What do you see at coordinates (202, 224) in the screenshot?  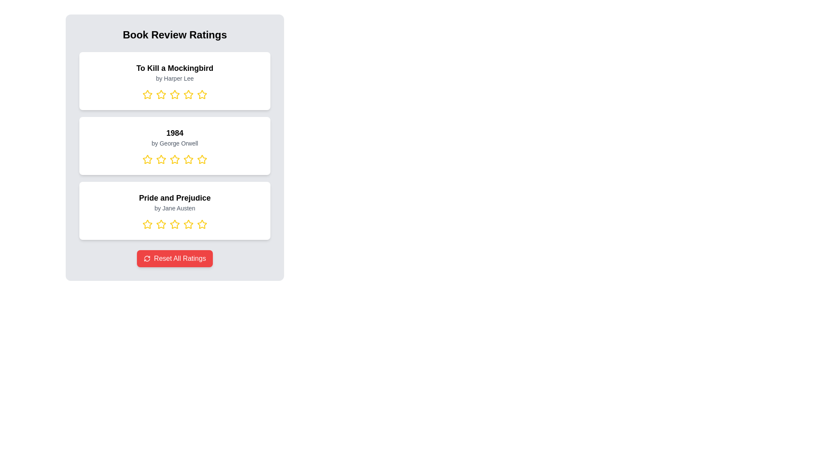 I see `the rating for a book by selecting 5 stars for the book titled Pride and Prejudice` at bounding box center [202, 224].